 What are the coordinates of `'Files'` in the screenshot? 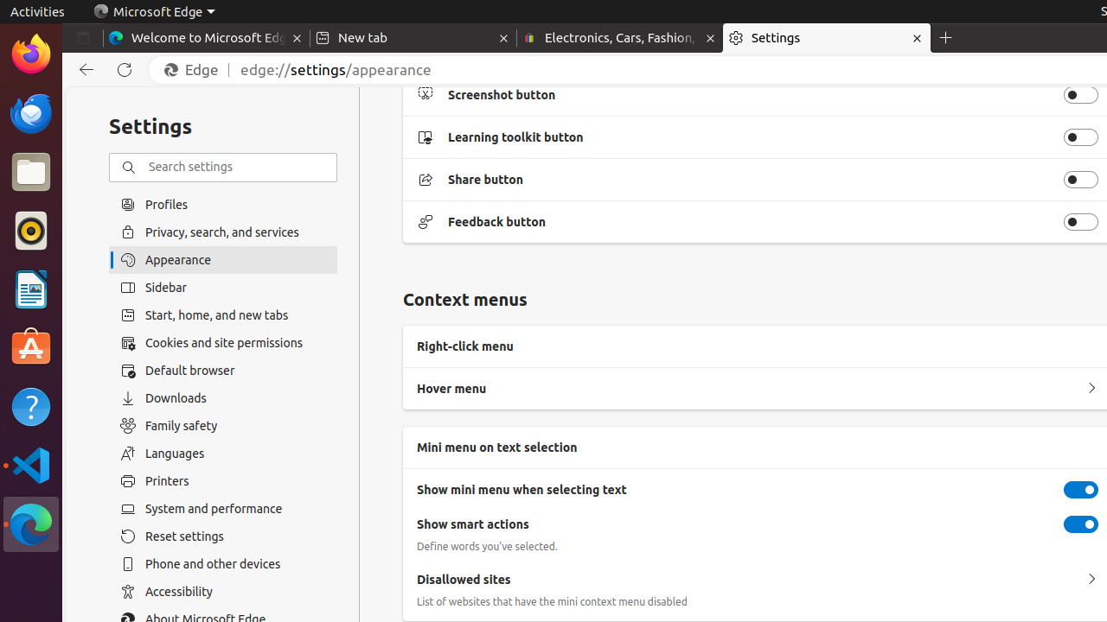 It's located at (30, 172).